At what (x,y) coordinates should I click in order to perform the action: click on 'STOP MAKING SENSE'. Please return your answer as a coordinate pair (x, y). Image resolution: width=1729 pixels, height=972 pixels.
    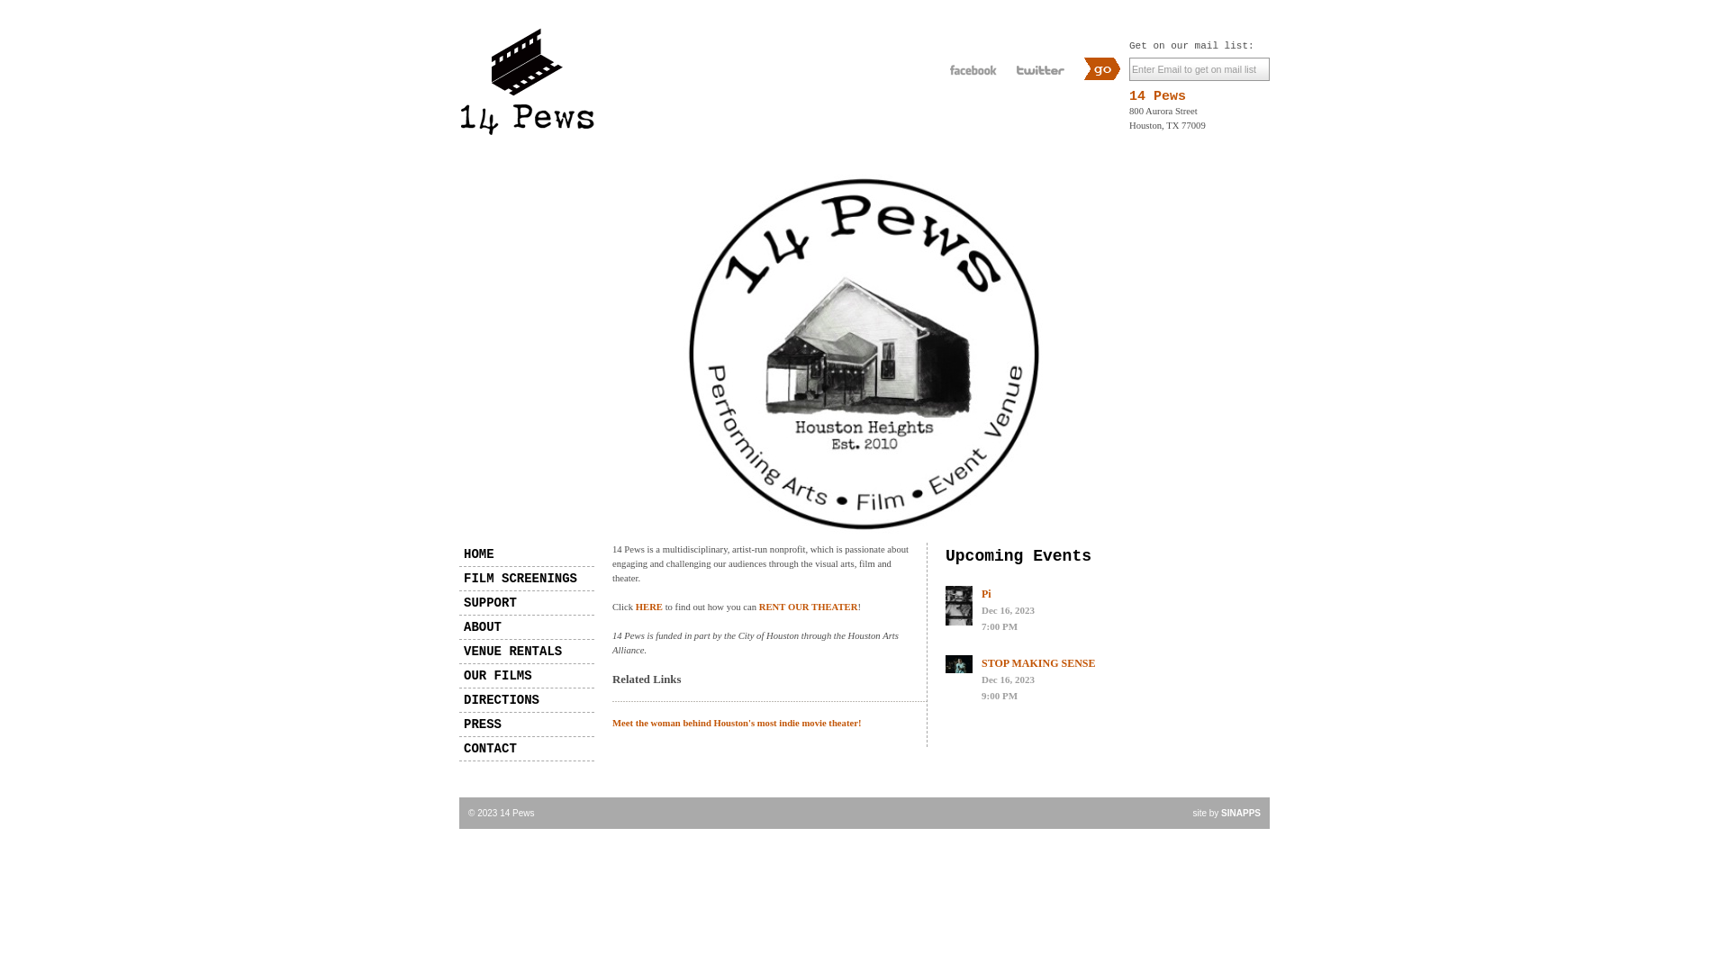
    Looking at the image, I should click on (1037, 662).